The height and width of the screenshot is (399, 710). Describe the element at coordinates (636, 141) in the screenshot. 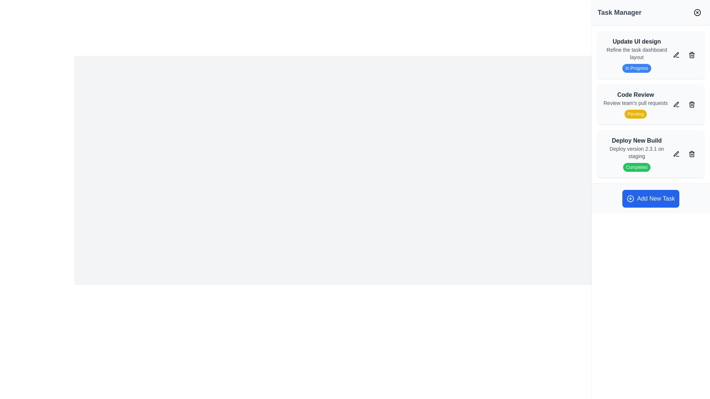

I see `the text label for the third task entry in the vertical task list on the right-hand side, which serves as a title or identifier for the task` at that location.